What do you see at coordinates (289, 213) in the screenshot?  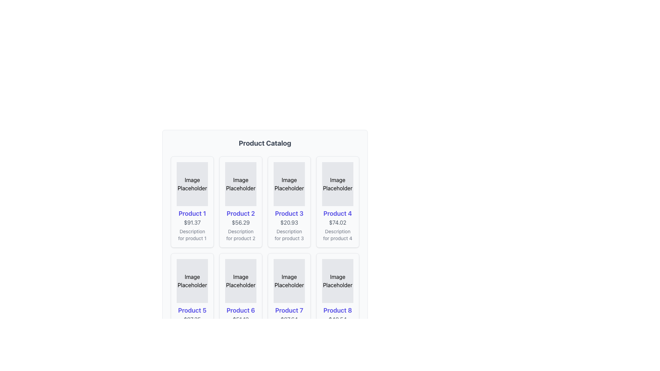 I see `the third product title in the product catalog interface, which is located below the image placeholder and above the price text ($20.93) and product description (Description for product 3)` at bounding box center [289, 213].